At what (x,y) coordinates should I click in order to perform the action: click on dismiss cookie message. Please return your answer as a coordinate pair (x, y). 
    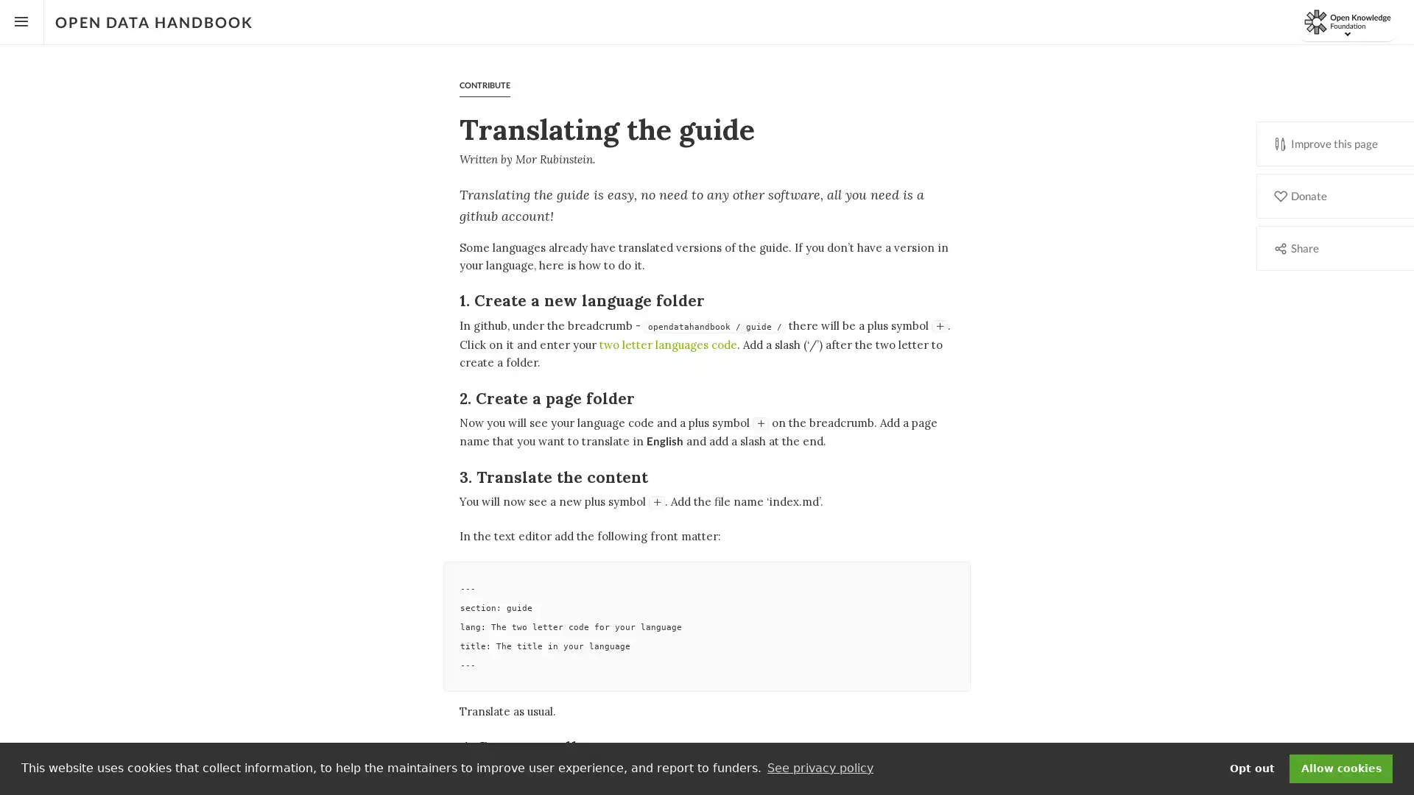
    Looking at the image, I should click on (1340, 768).